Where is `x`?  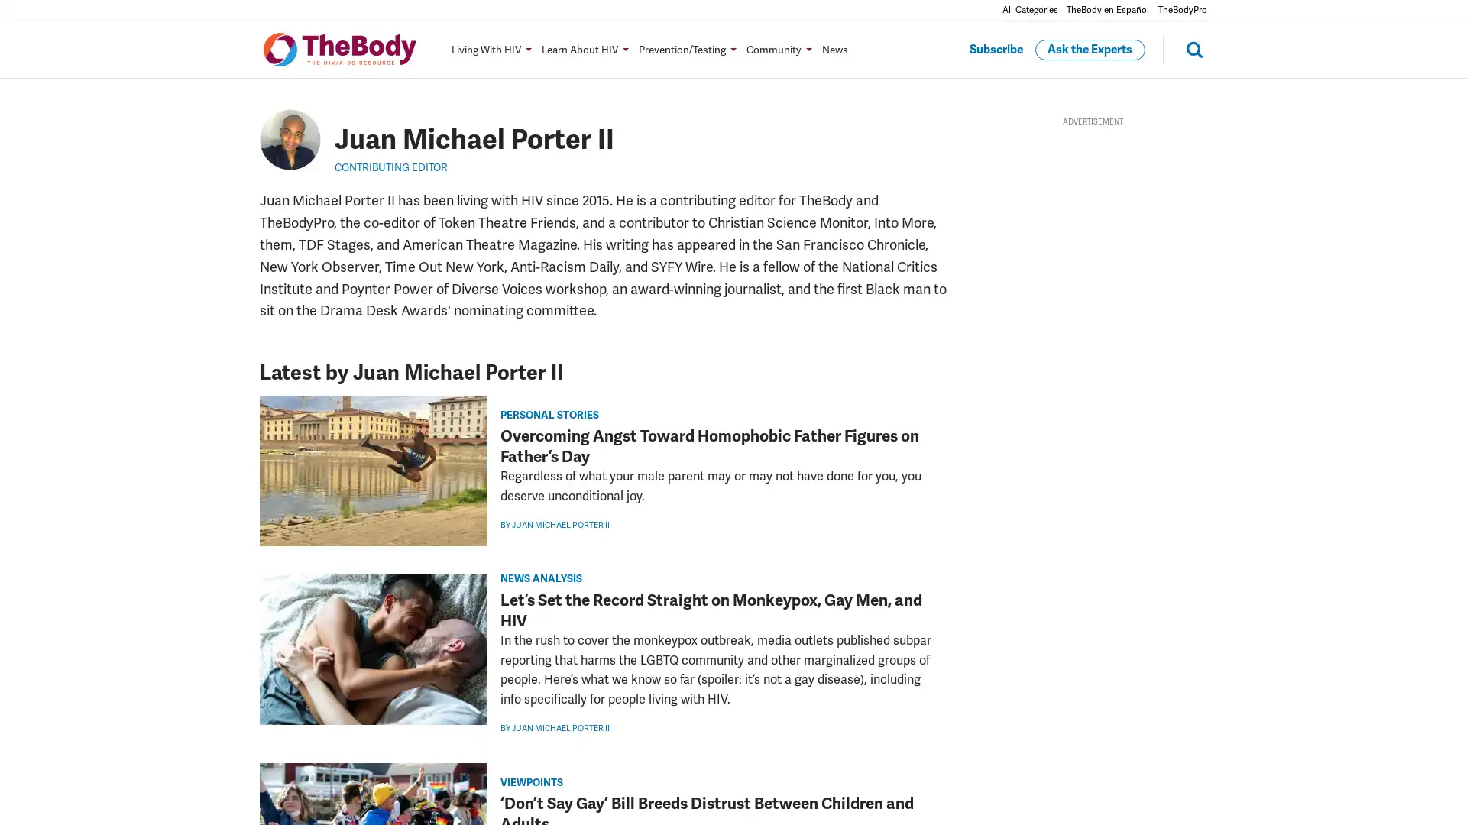 x is located at coordinates (238, 600).